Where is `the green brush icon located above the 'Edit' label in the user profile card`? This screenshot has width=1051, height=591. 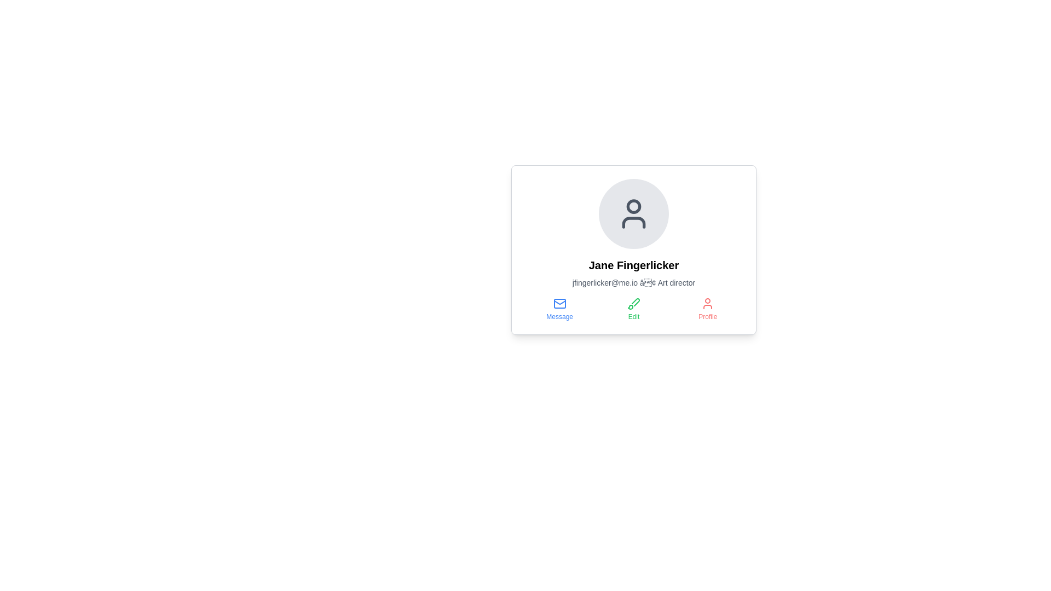 the green brush icon located above the 'Edit' label in the user profile card is located at coordinates (633, 304).